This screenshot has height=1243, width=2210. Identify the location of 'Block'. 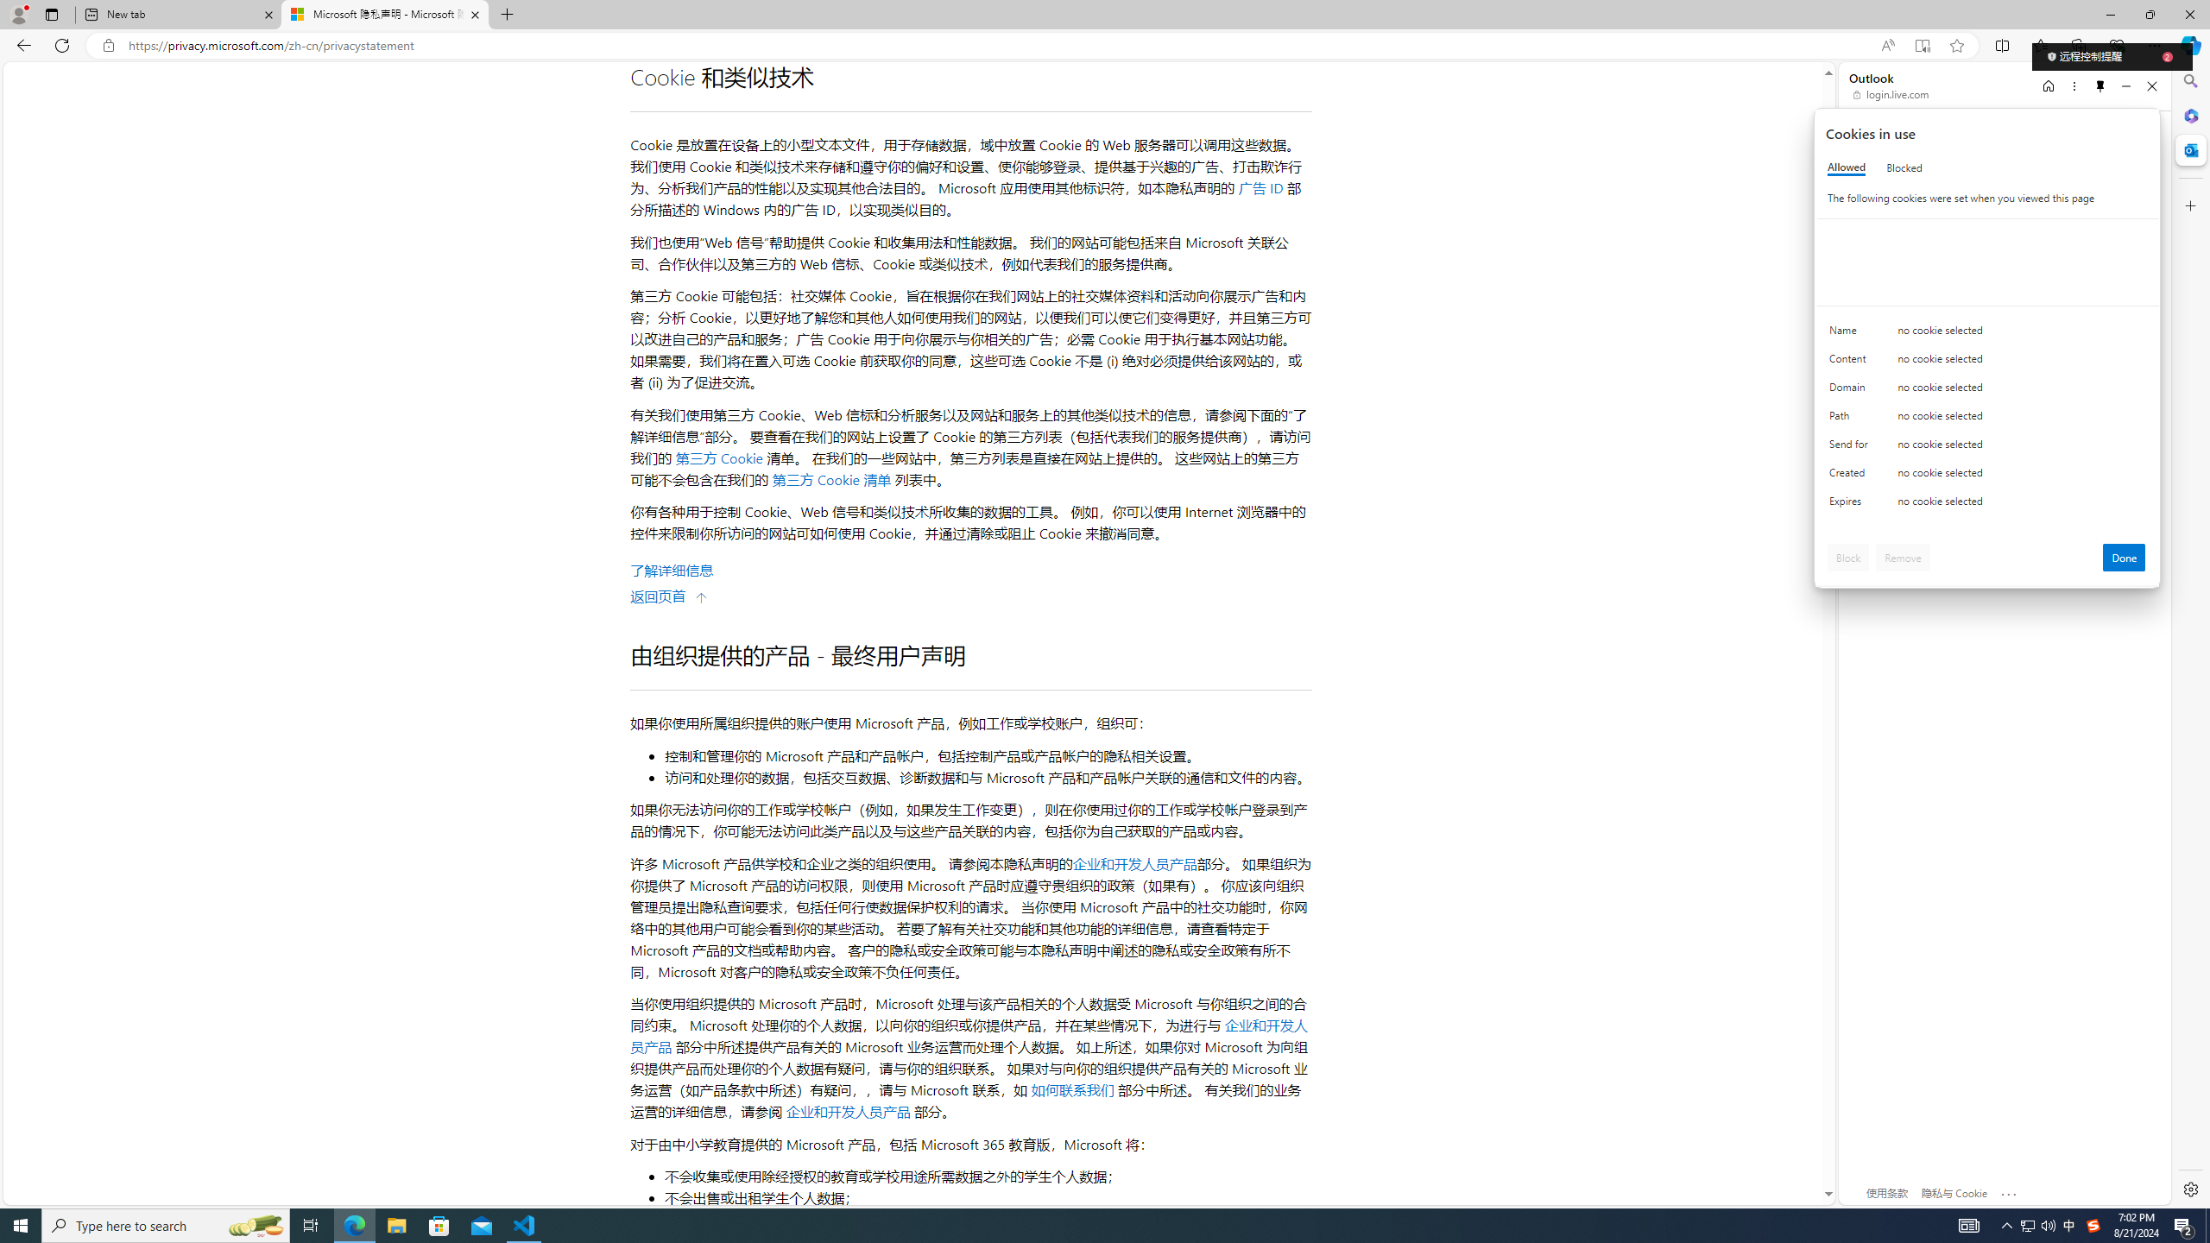
(1847, 558).